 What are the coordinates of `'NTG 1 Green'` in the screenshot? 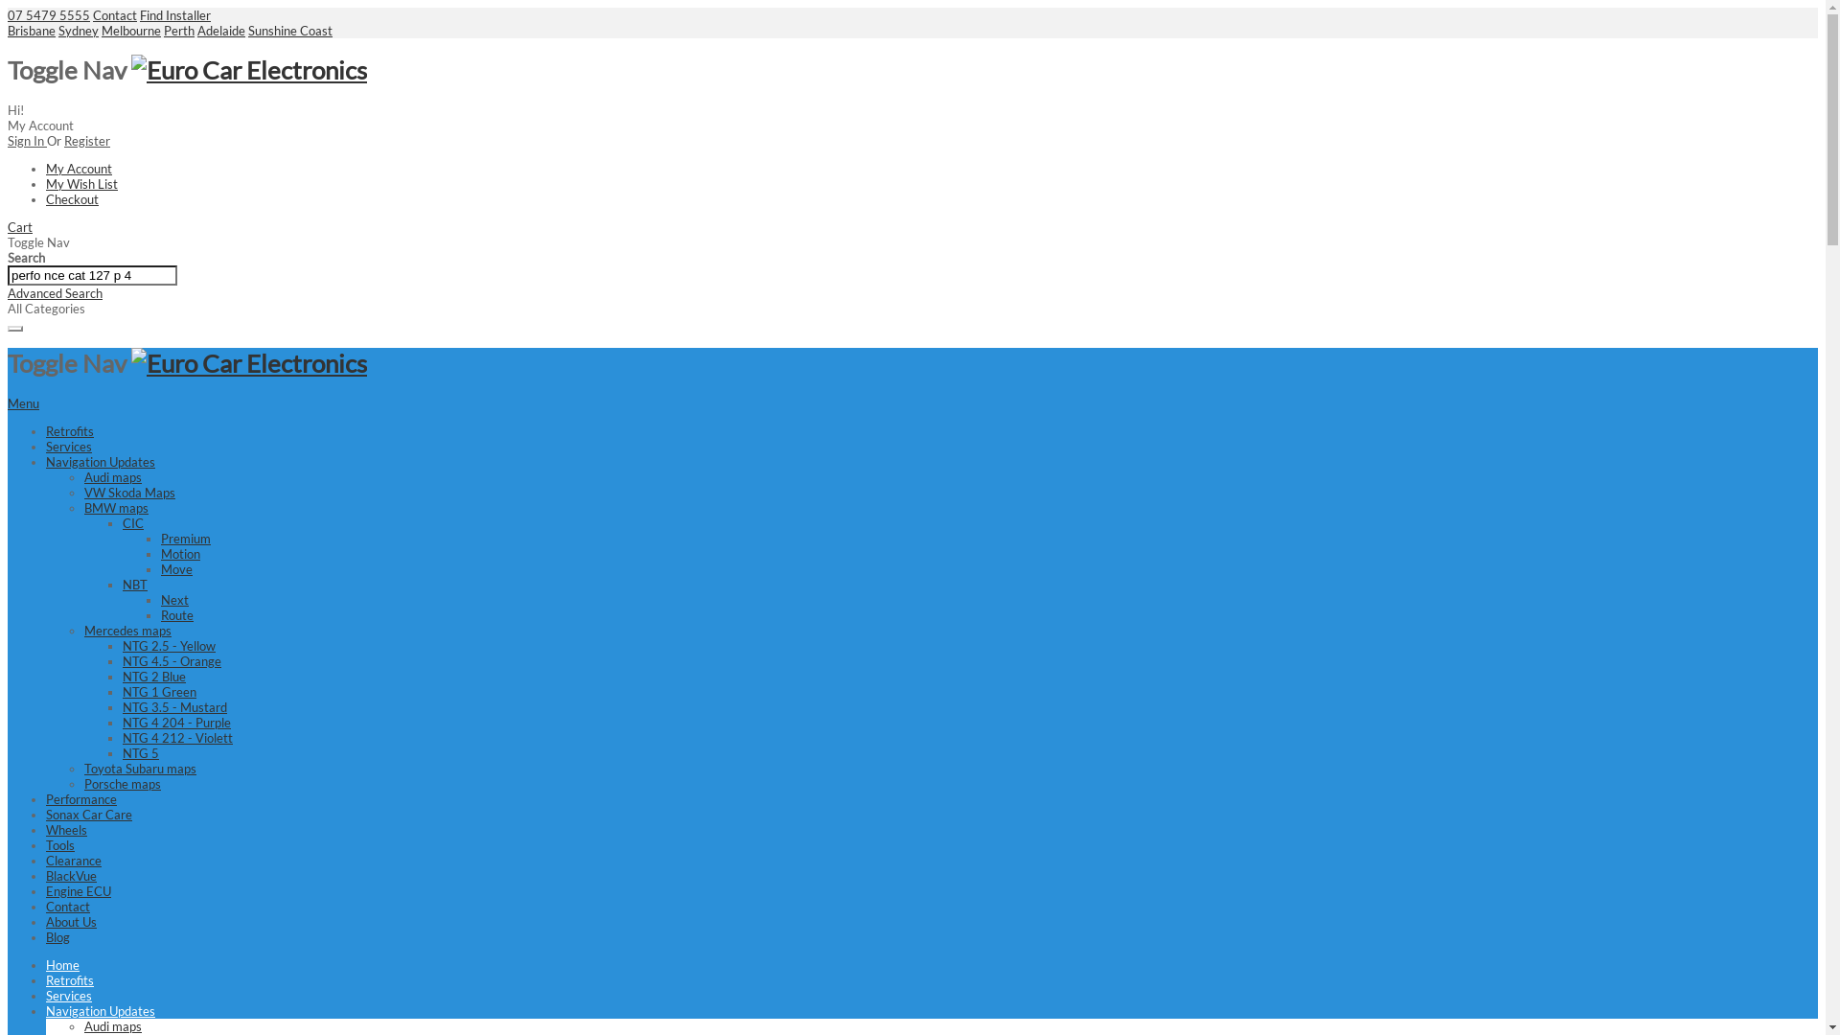 It's located at (159, 691).